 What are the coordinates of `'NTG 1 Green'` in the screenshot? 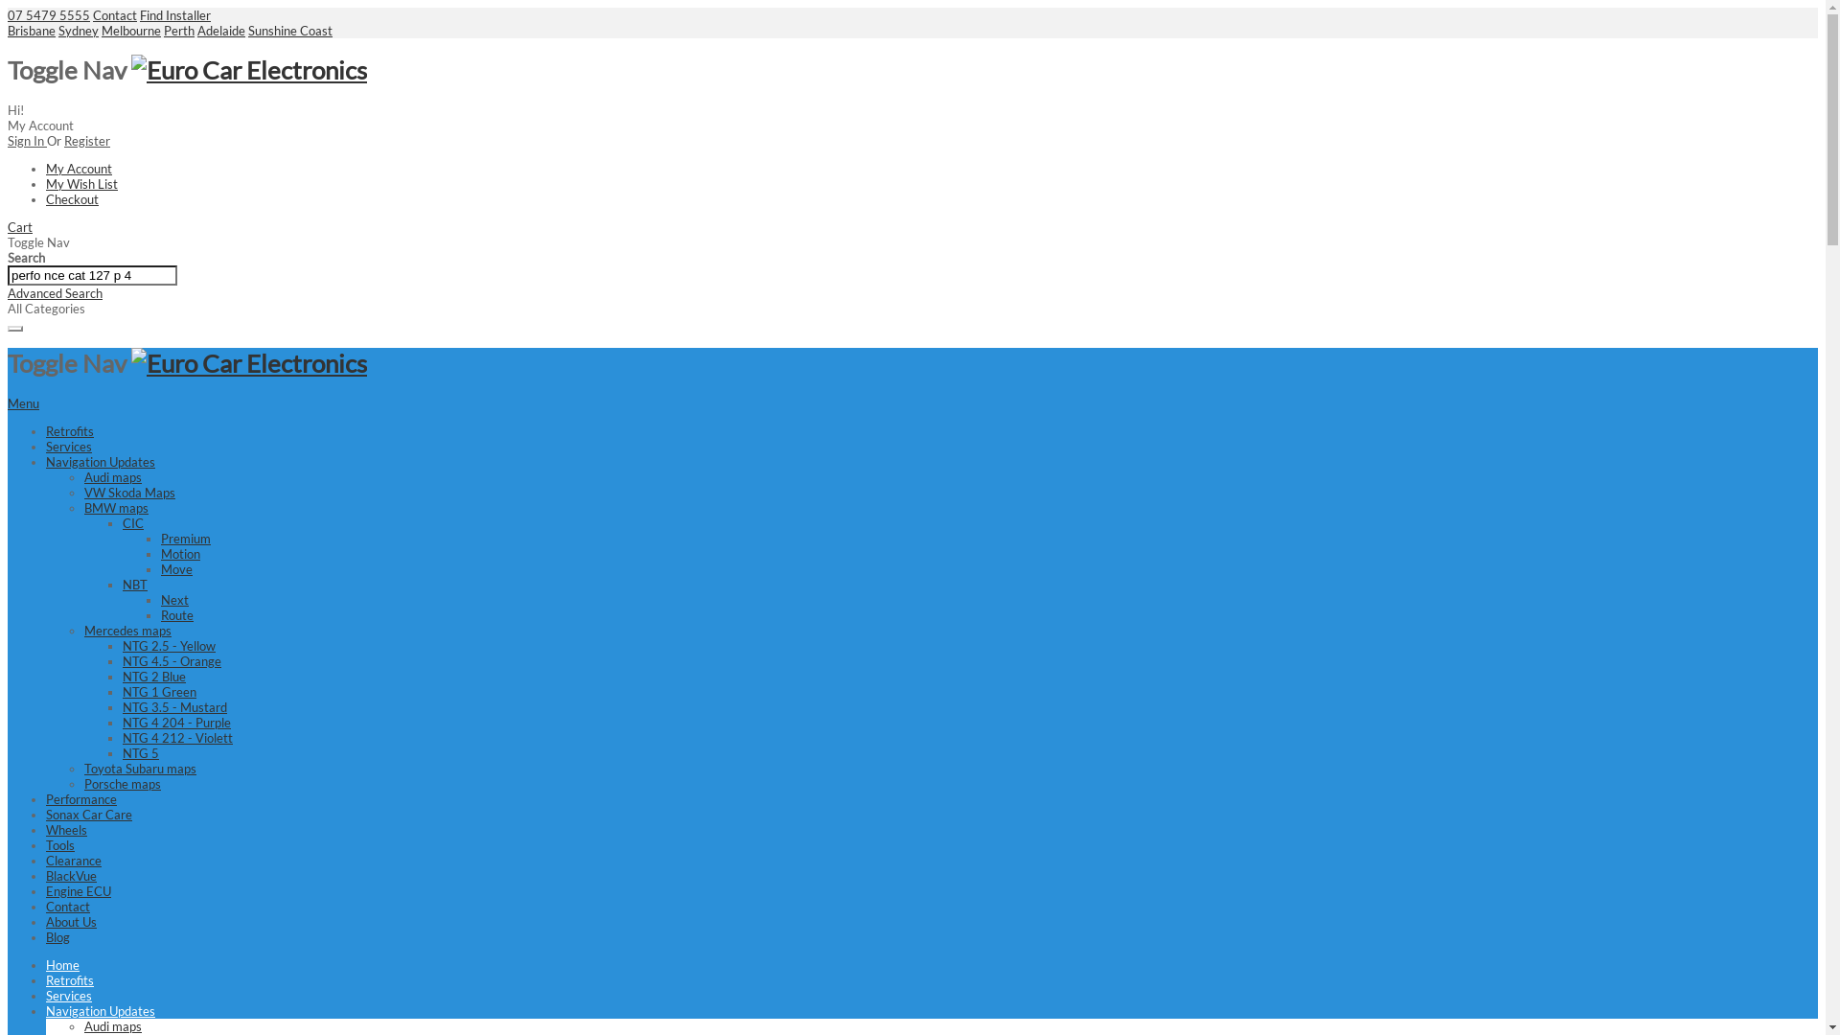 It's located at (159, 691).